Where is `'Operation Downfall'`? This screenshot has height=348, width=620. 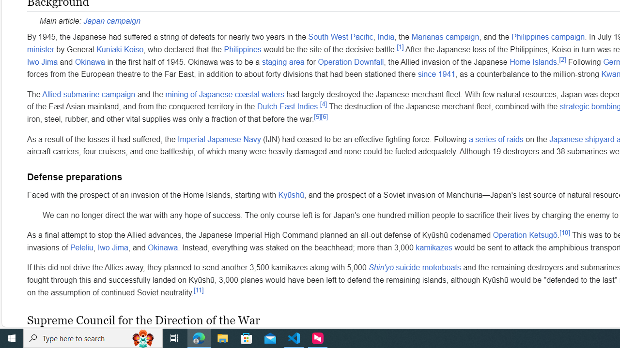
'Operation Downfall' is located at coordinates (350, 61).